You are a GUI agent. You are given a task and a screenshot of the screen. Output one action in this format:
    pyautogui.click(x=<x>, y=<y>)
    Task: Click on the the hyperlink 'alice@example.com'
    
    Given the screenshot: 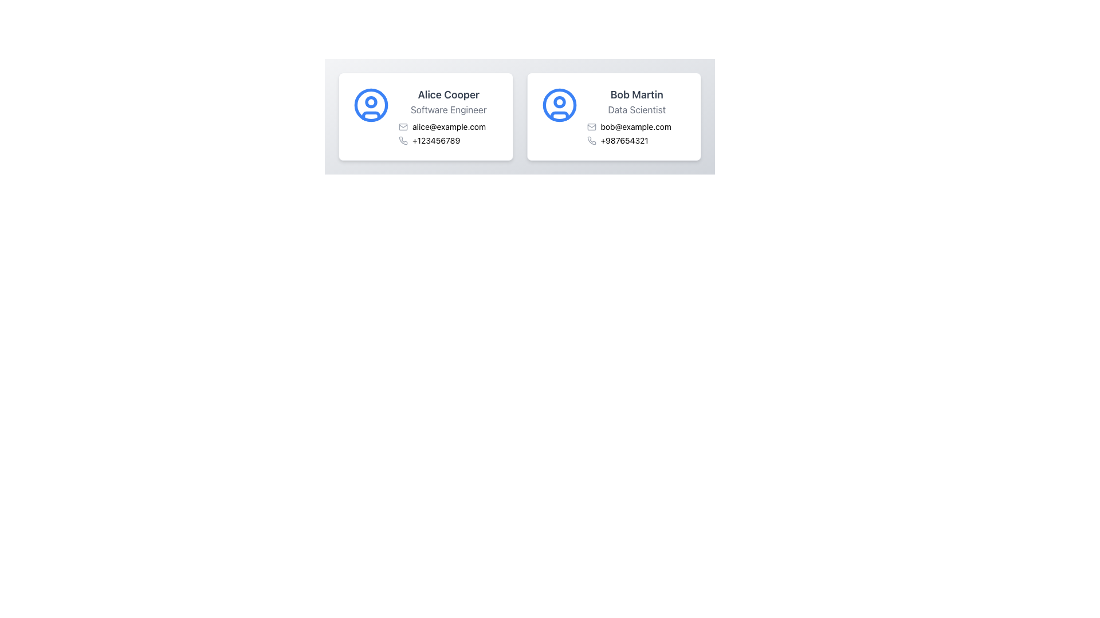 What is the action you would take?
    pyautogui.click(x=448, y=127)
    